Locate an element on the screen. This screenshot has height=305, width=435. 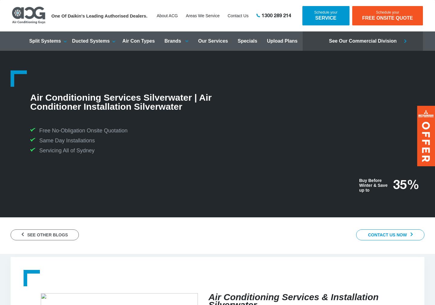
'Upload Plans' is located at coordinates (282, 41).